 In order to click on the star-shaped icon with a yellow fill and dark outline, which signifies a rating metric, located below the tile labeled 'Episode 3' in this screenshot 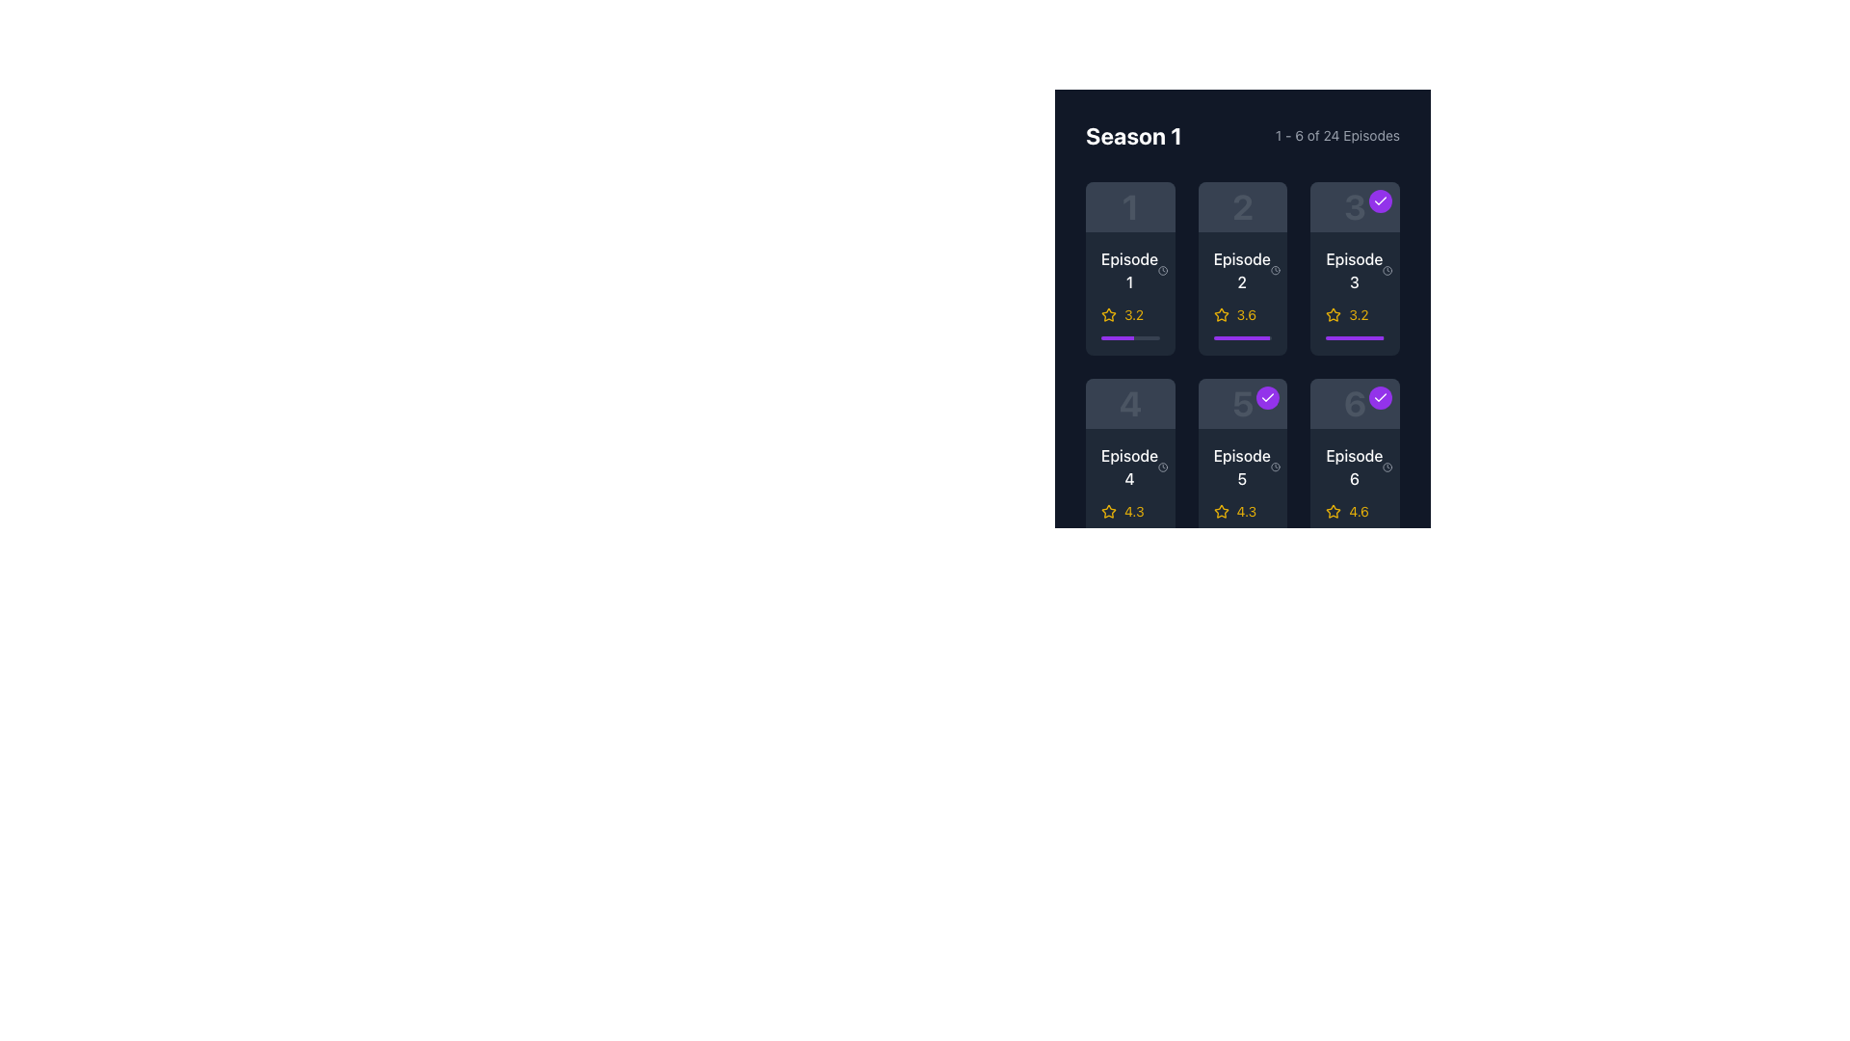, I will do `click(1333, 314)`.